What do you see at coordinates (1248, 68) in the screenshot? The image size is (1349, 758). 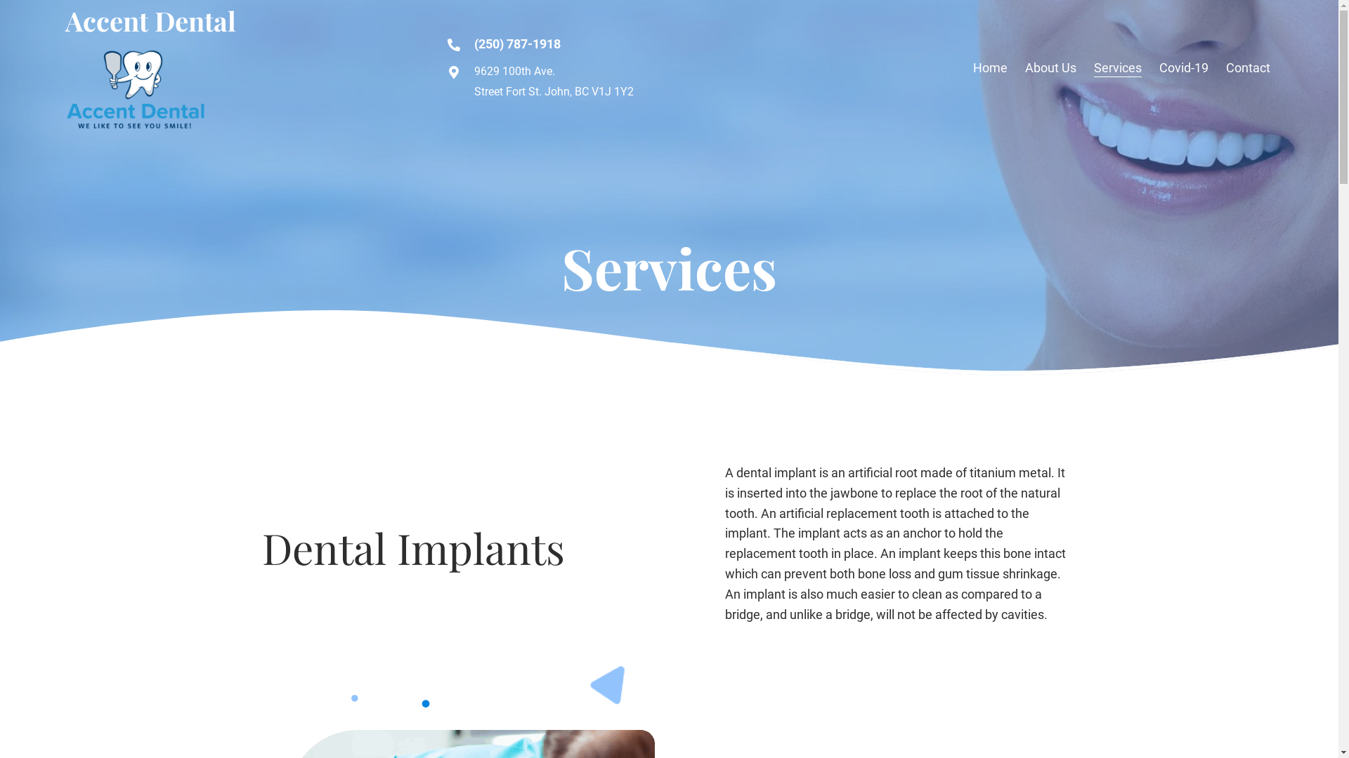 I see `'Contact'` at bounding box center [1248, 68].